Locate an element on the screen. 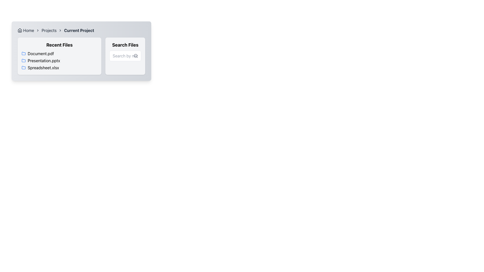 The width and height of the screenshot is (484, 272). the 'Current Project' text label, which is the final navigational label in the breadcrumb interface, indicating the current location within the application's structure is located at coordinates (79, 30).